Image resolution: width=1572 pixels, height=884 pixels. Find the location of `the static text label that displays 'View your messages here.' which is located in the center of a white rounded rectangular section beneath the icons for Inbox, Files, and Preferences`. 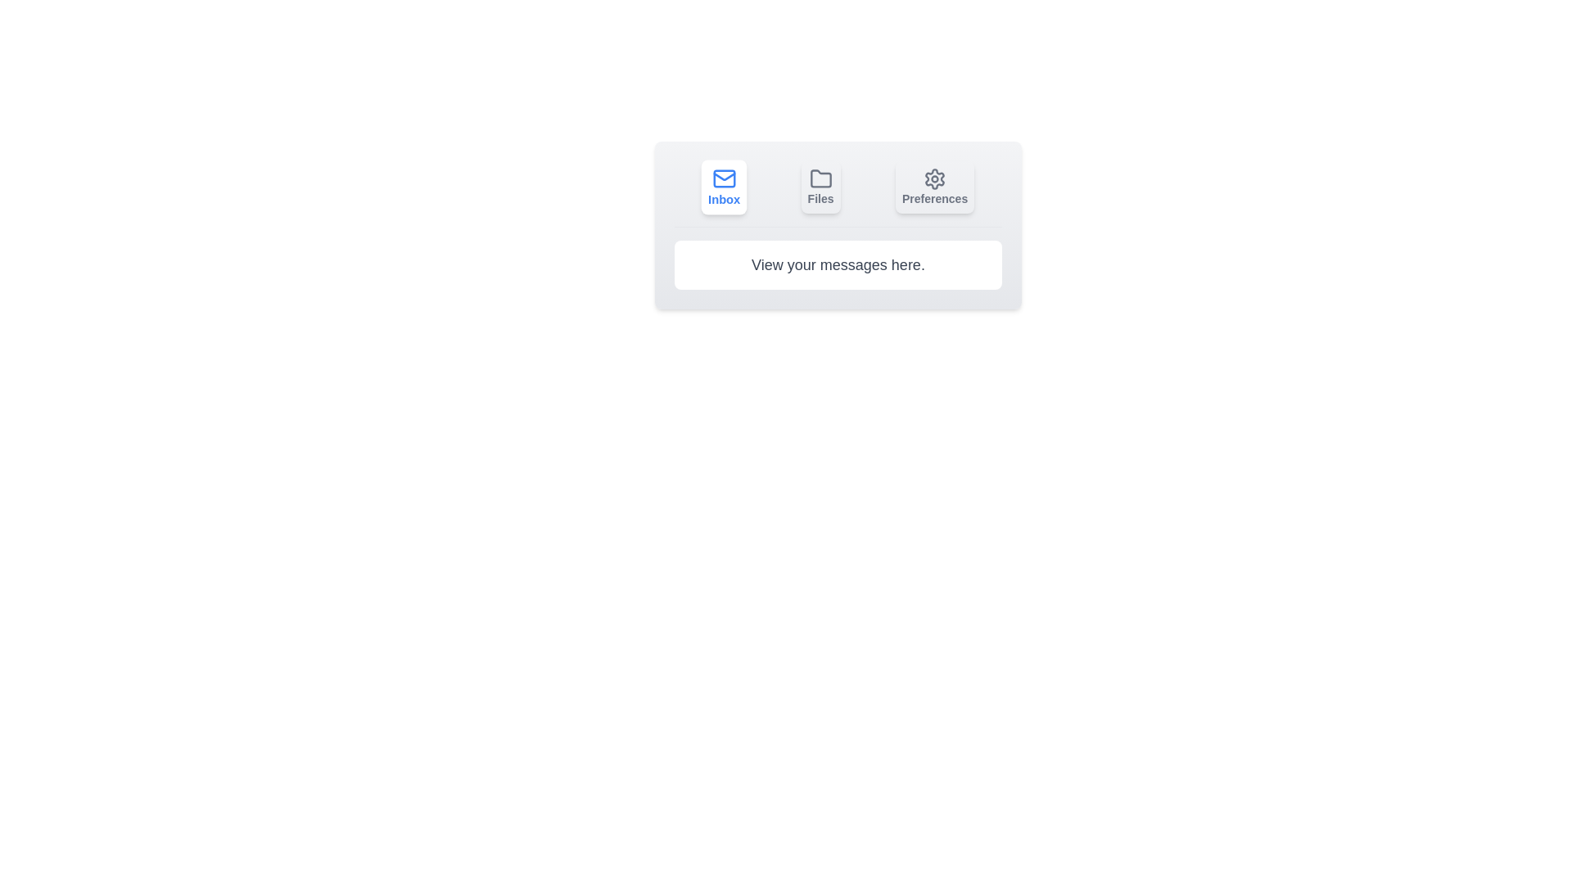

the static text label that displays 'View your messages here.' which is located in the center of a white rounded rectangular section beneath the icons for Inbox, Files, and Preferences is located at coordinates (838, 264).